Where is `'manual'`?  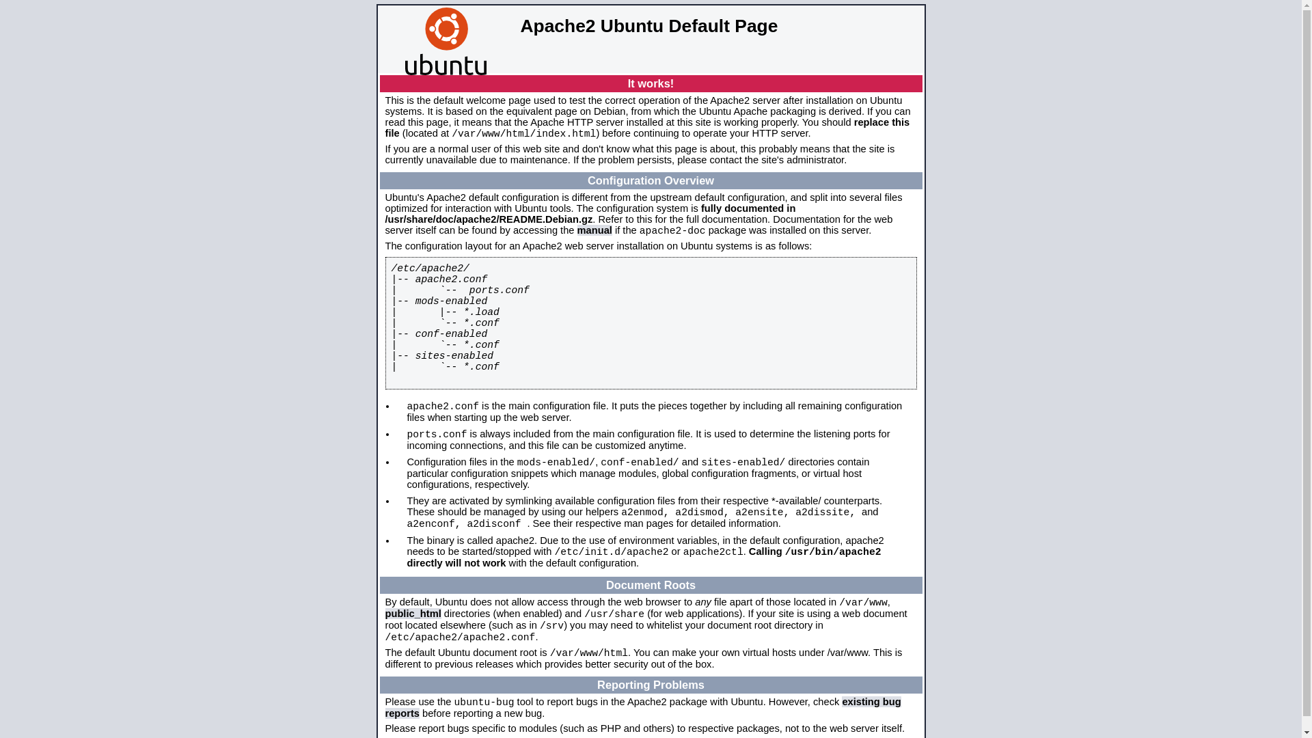
'manual' is located at coordinates (594, 229).